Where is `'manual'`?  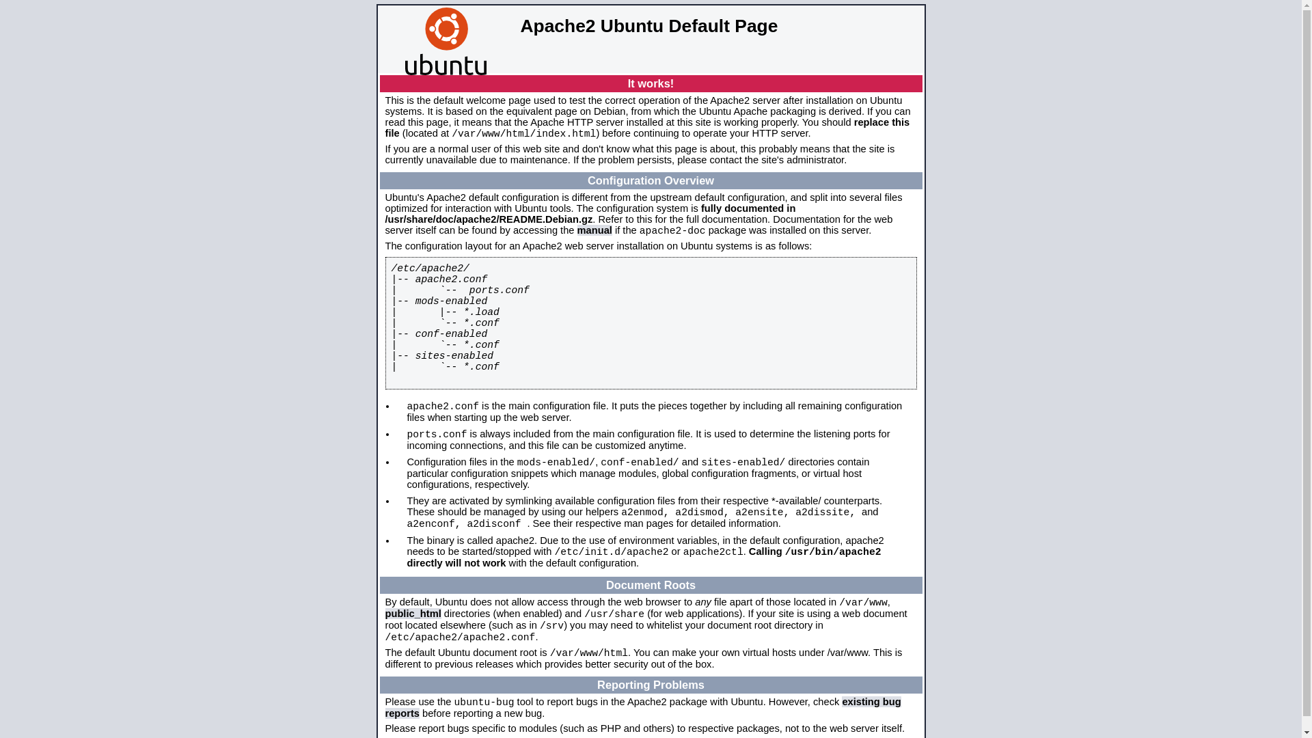
'manual' is located at coordinates (594, 229).